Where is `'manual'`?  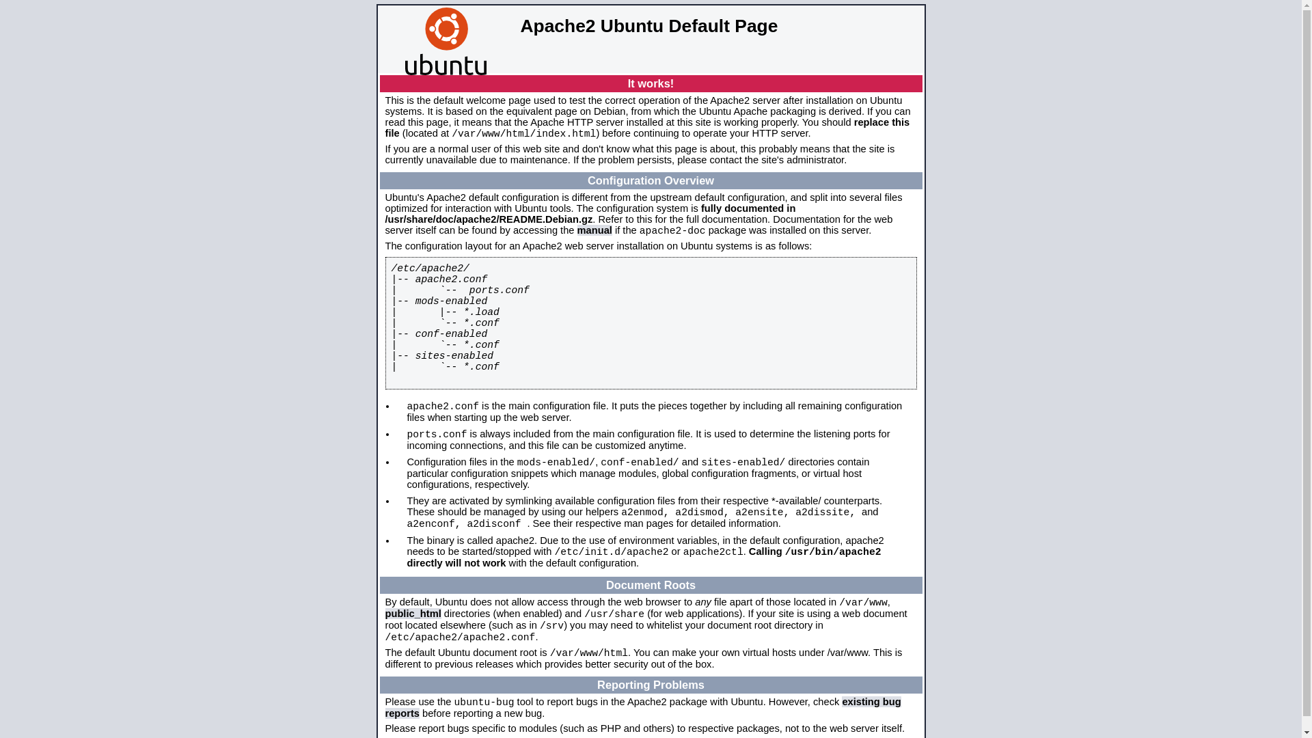
'manual' is located at coordinates (594, 229).